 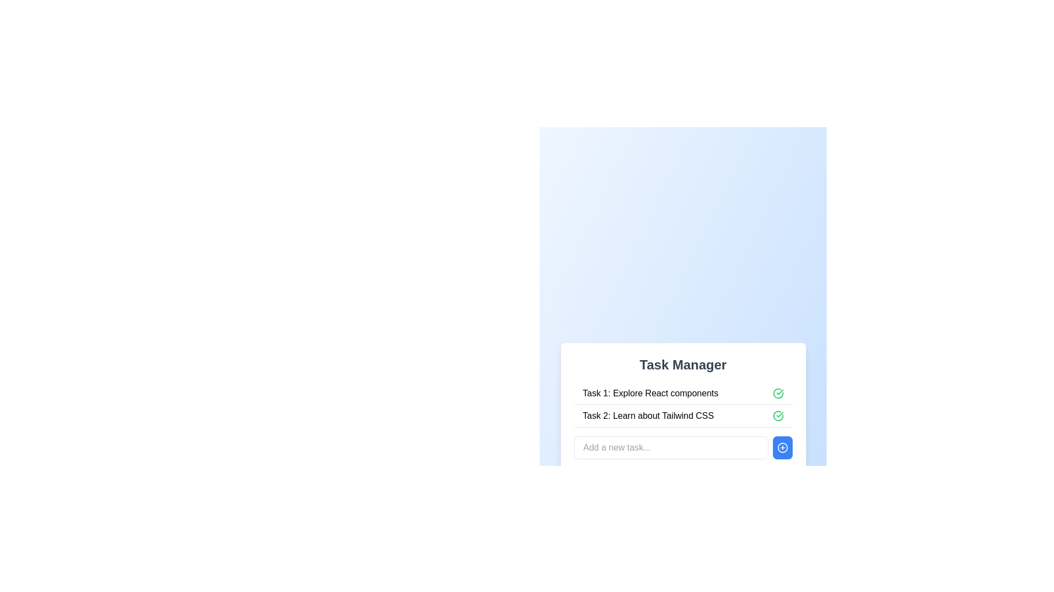 What do you see at coordinates (682, 448) in the screenshot?
I see `the text input field for adding new tasks, located below the listed tasks in the task manager interface` at bounding box center [682, 448].